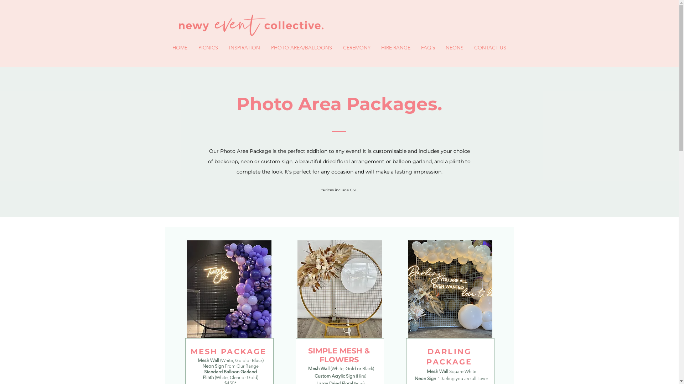  What do you see at coordinates (490, 48) in the screenshot?
I see `'CONTACT US'` at bounding box center [490, 48].